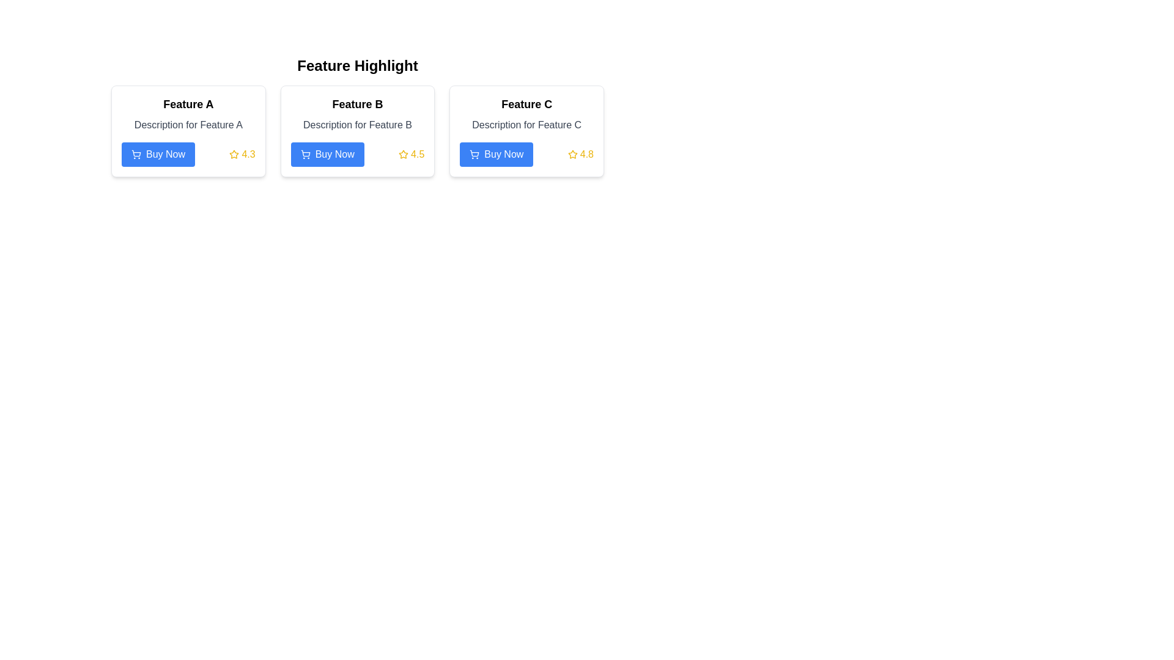 The height and width of the screenshot is (660, 1174). I want to click on the static rating icon, which is located in the Feature B section, positioned to the right of the 'Buy Now' button and to the left of the text '4.5', so click(404, 154).